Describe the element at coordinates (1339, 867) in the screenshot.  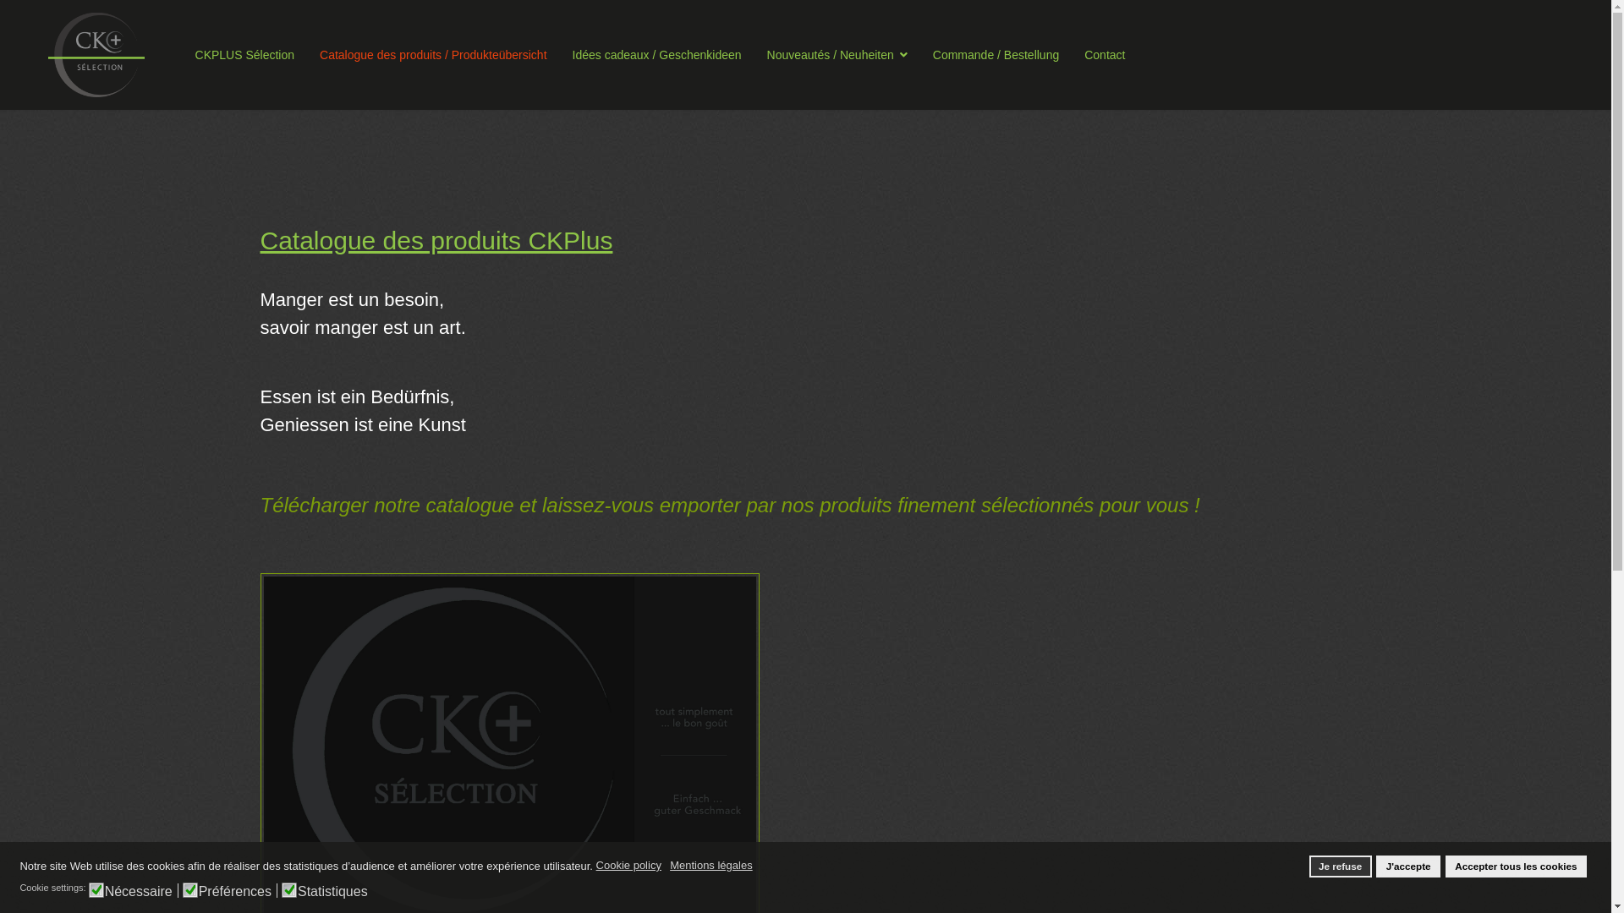
I see `'Je refuse'` at that location.